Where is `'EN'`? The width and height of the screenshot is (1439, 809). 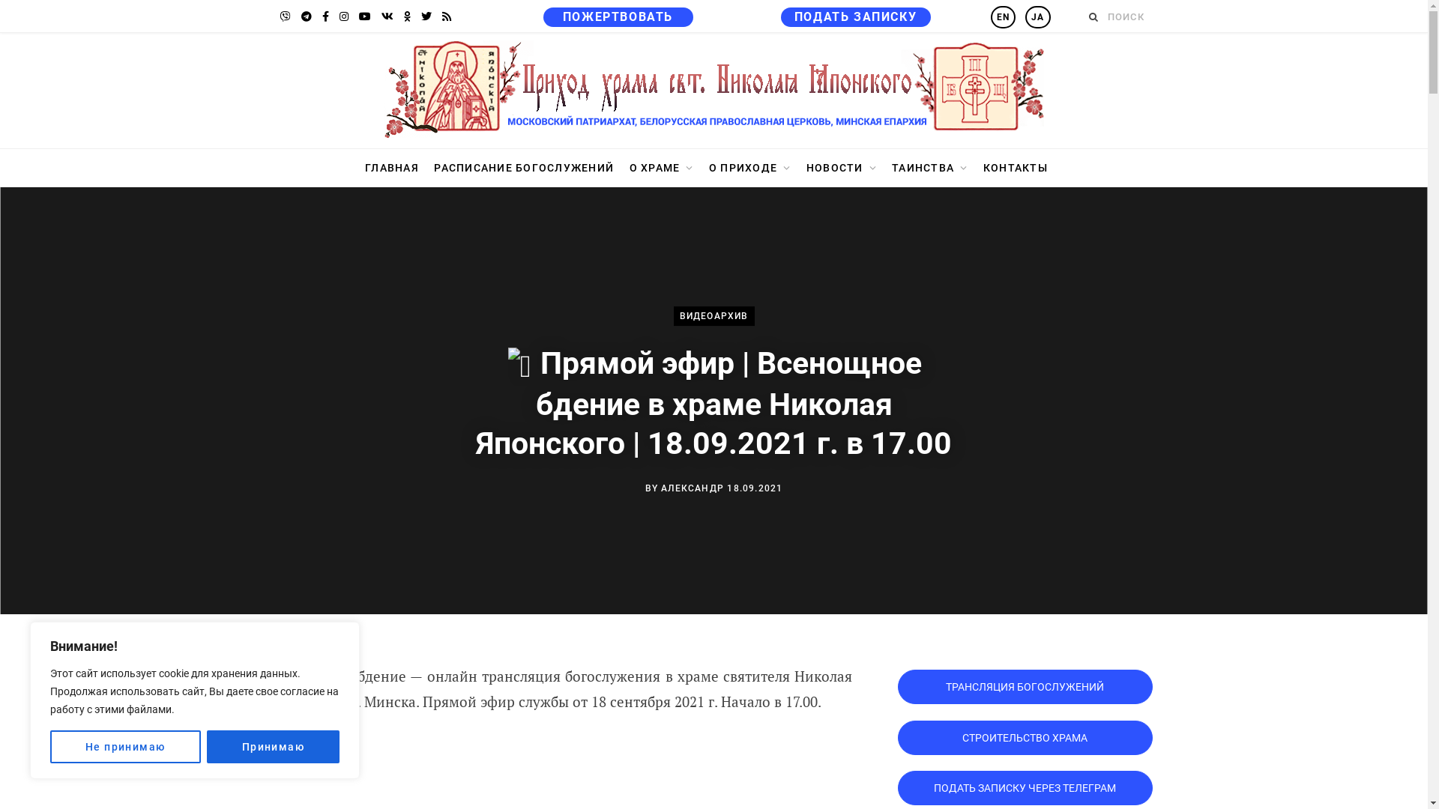 'EN' is located at coordinates (990, 17).